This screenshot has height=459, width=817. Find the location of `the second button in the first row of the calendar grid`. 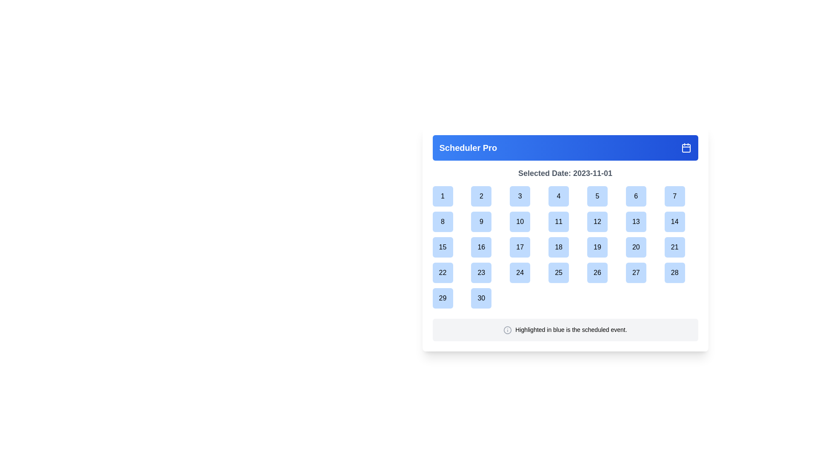

the second button in the first row of the calendar grid is located at coordinates (481, 196).